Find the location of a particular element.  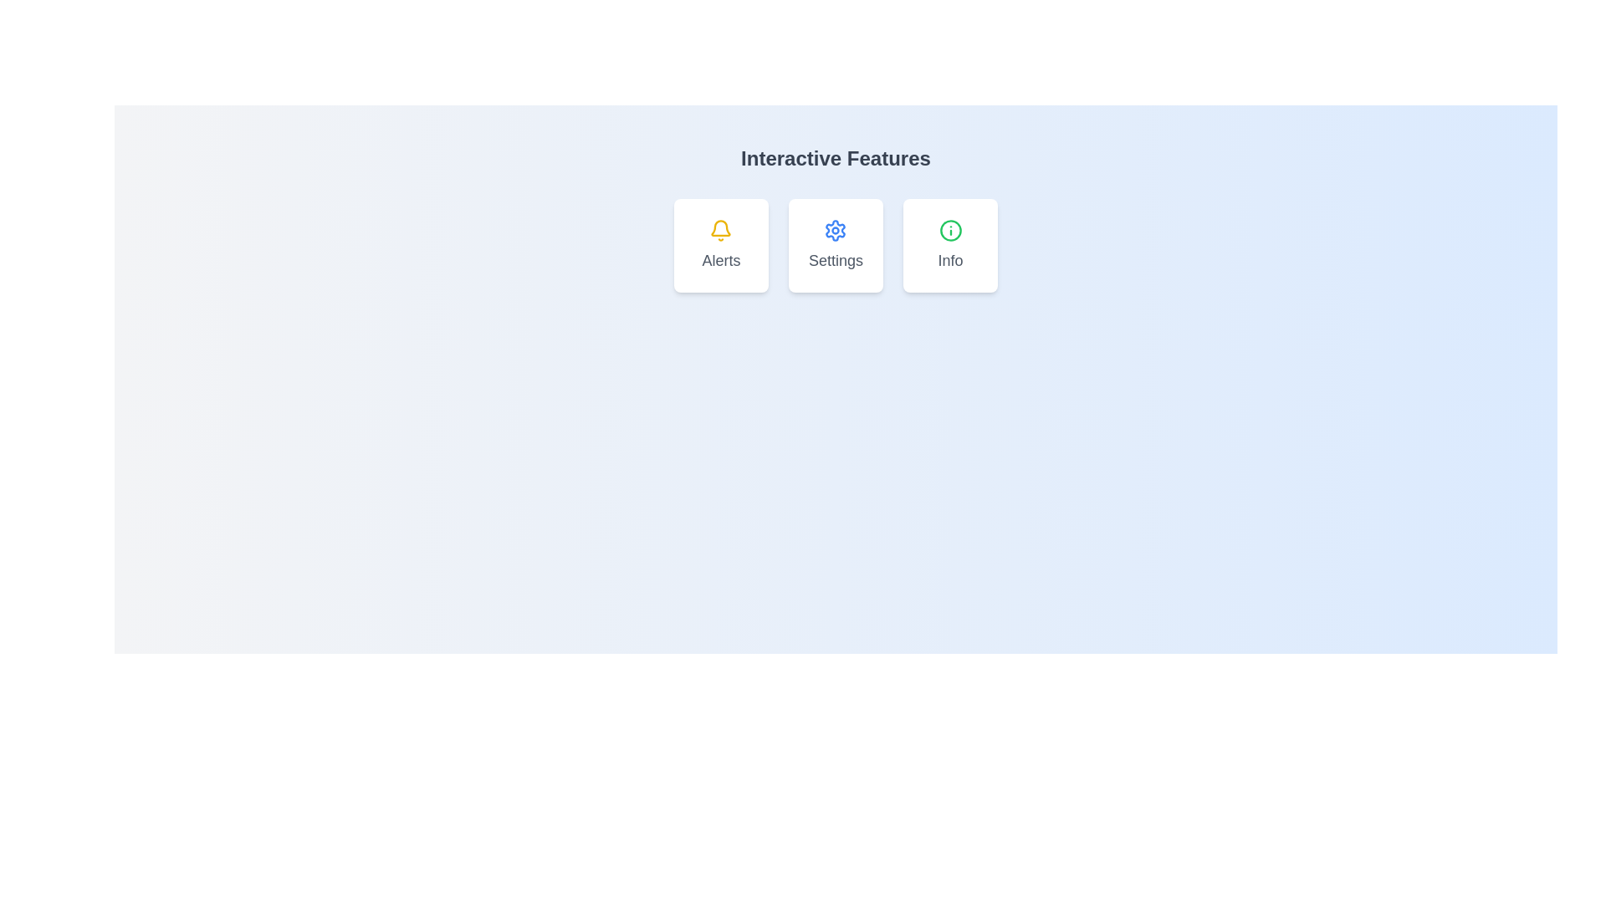

the 'Info' SVG icon located in the rightmost card under the heading 'Interactive Features'. This icon represents the 'Info' functionality and is centrally aligned above the text 'Info' is located at coordinates (950, 231).